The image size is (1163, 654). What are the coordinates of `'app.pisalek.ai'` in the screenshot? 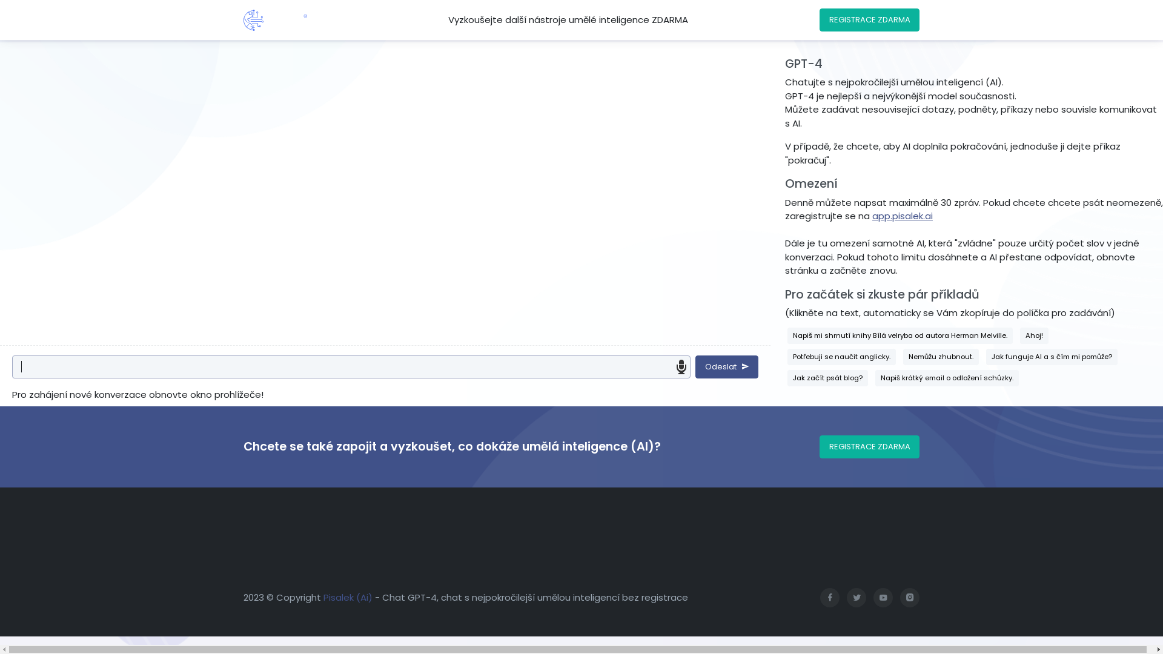 It's located at (902, 215).